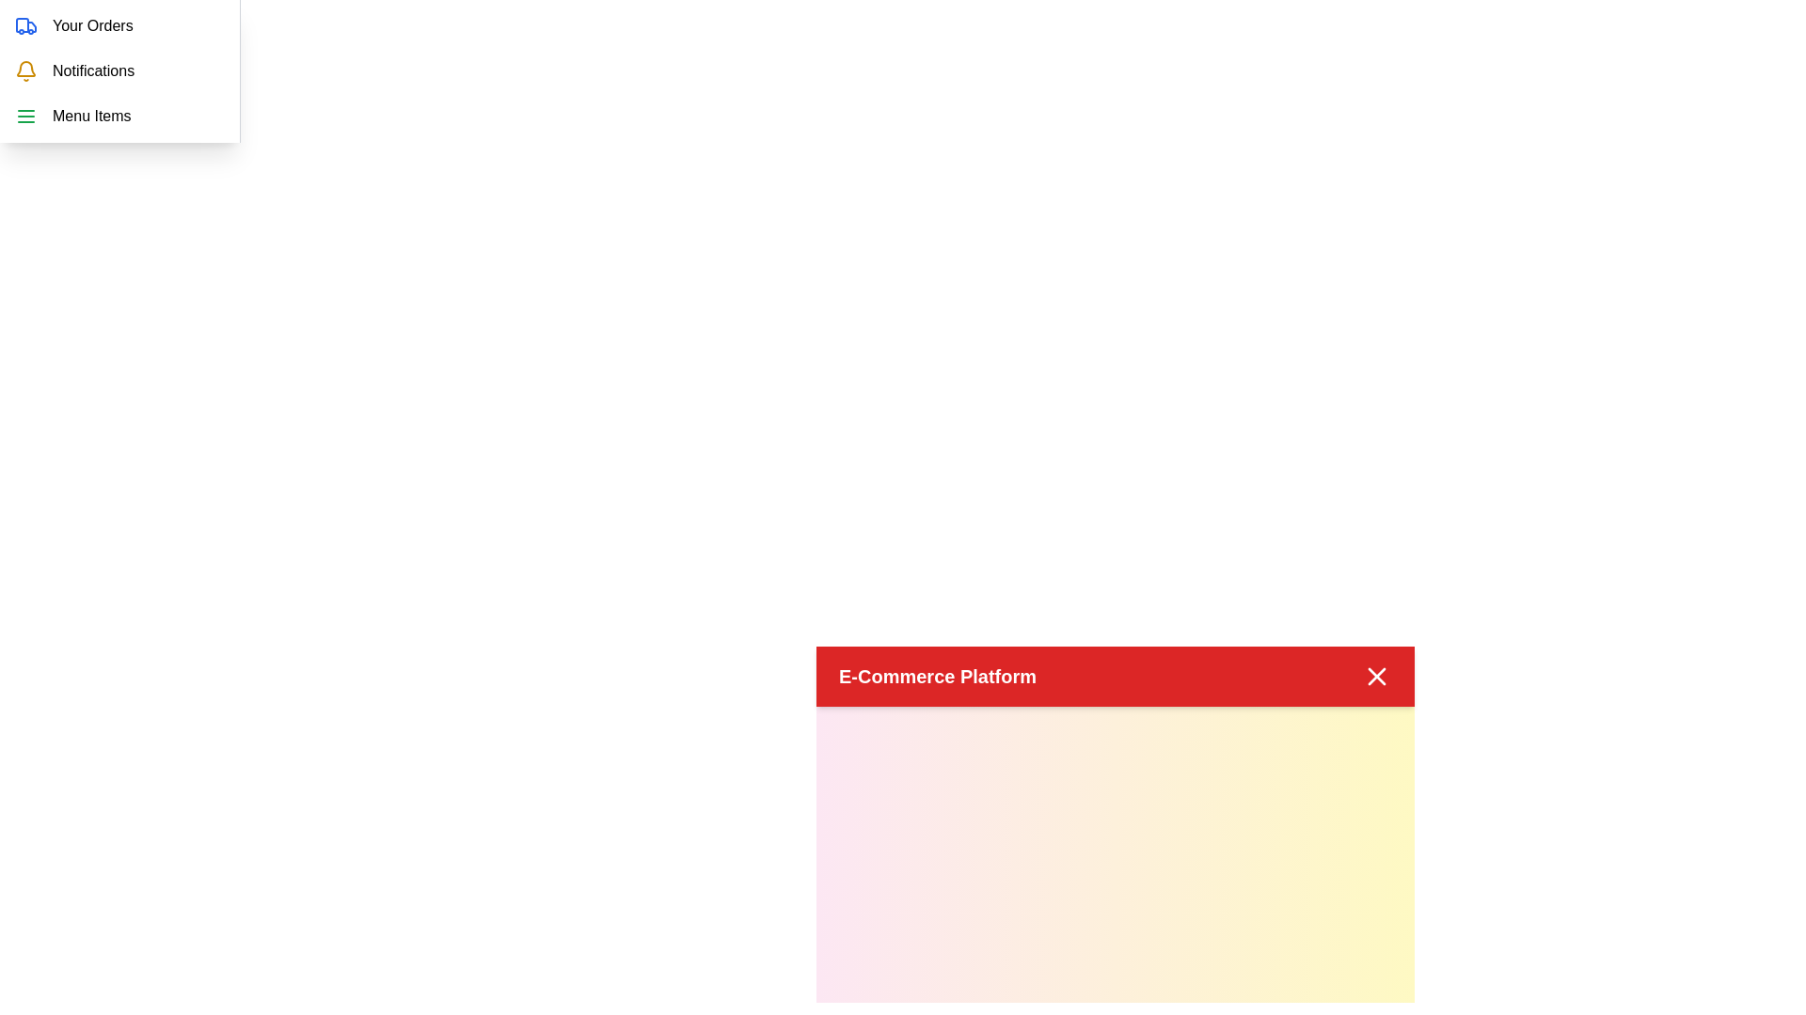 The height and width of the screenshot is (1015, 1806). Describe the element at coordinates (26, 25) in the screenshot. I see `the 'Your Orders' icon` at that location.